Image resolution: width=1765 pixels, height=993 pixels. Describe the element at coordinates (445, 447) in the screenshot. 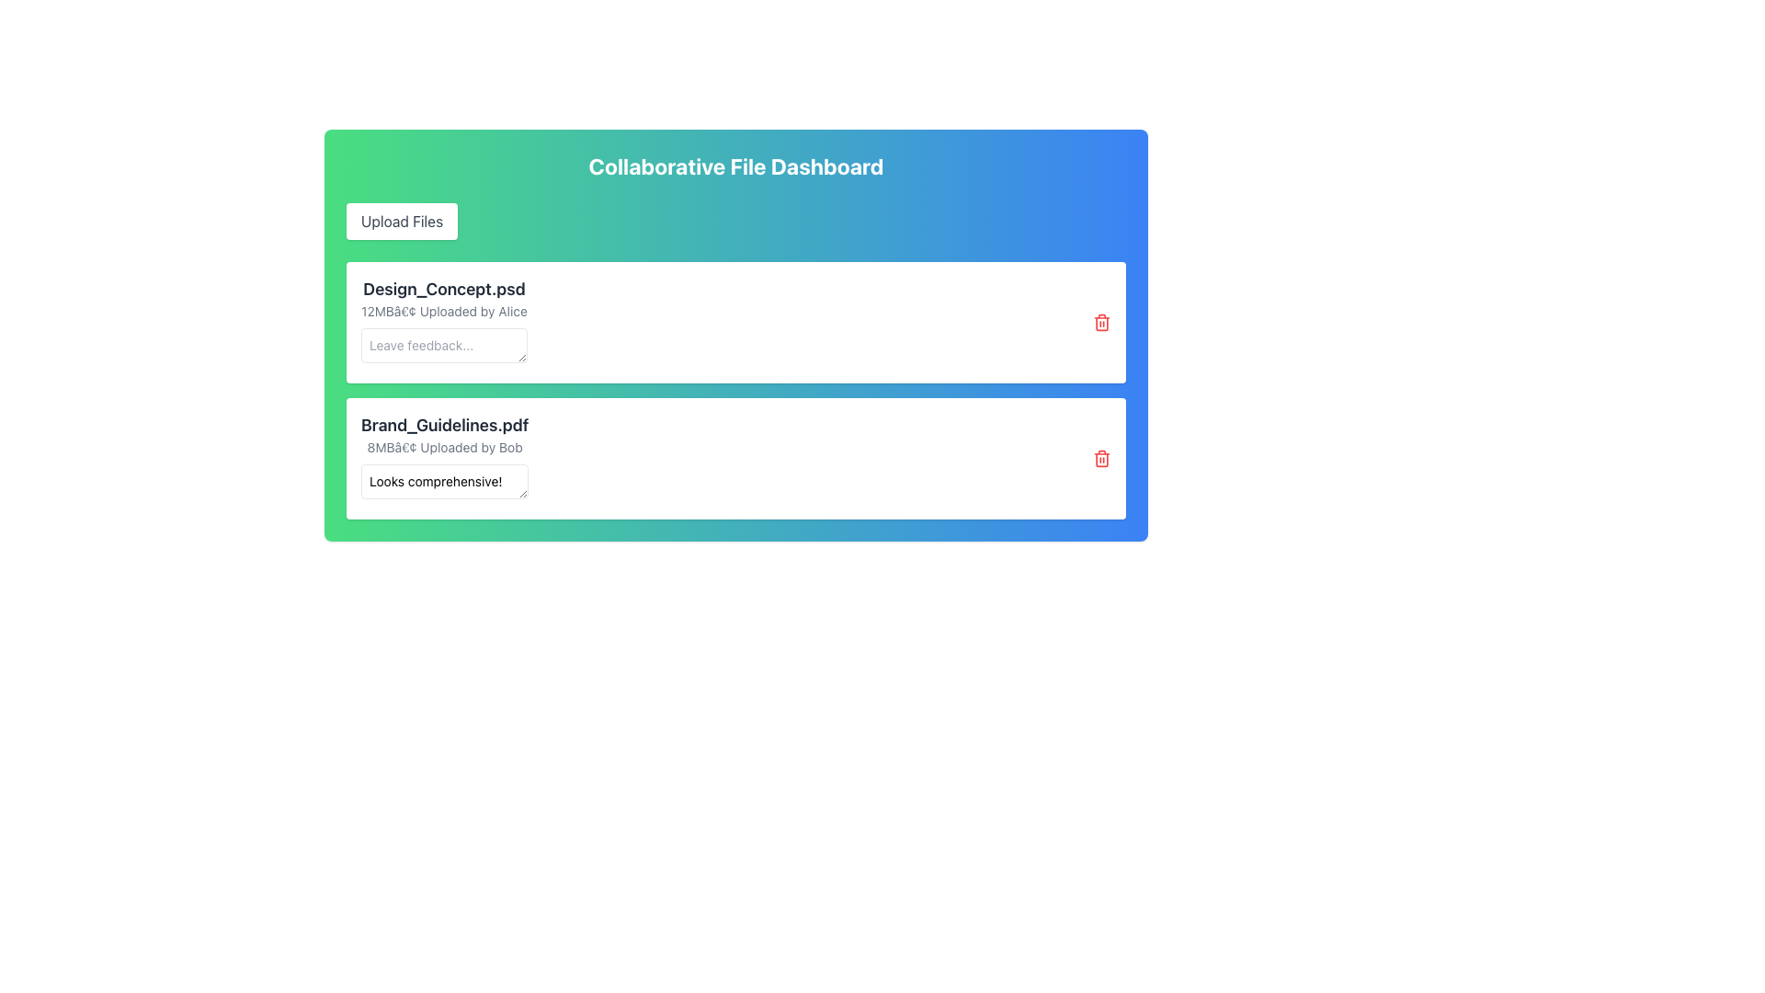

I see `the informational content display that shows the file size ('8MB') and the uploader's name ('Bob'), which is located below the title 'Brand_Guidelines.pdf' and above the feedback input box` at that location.